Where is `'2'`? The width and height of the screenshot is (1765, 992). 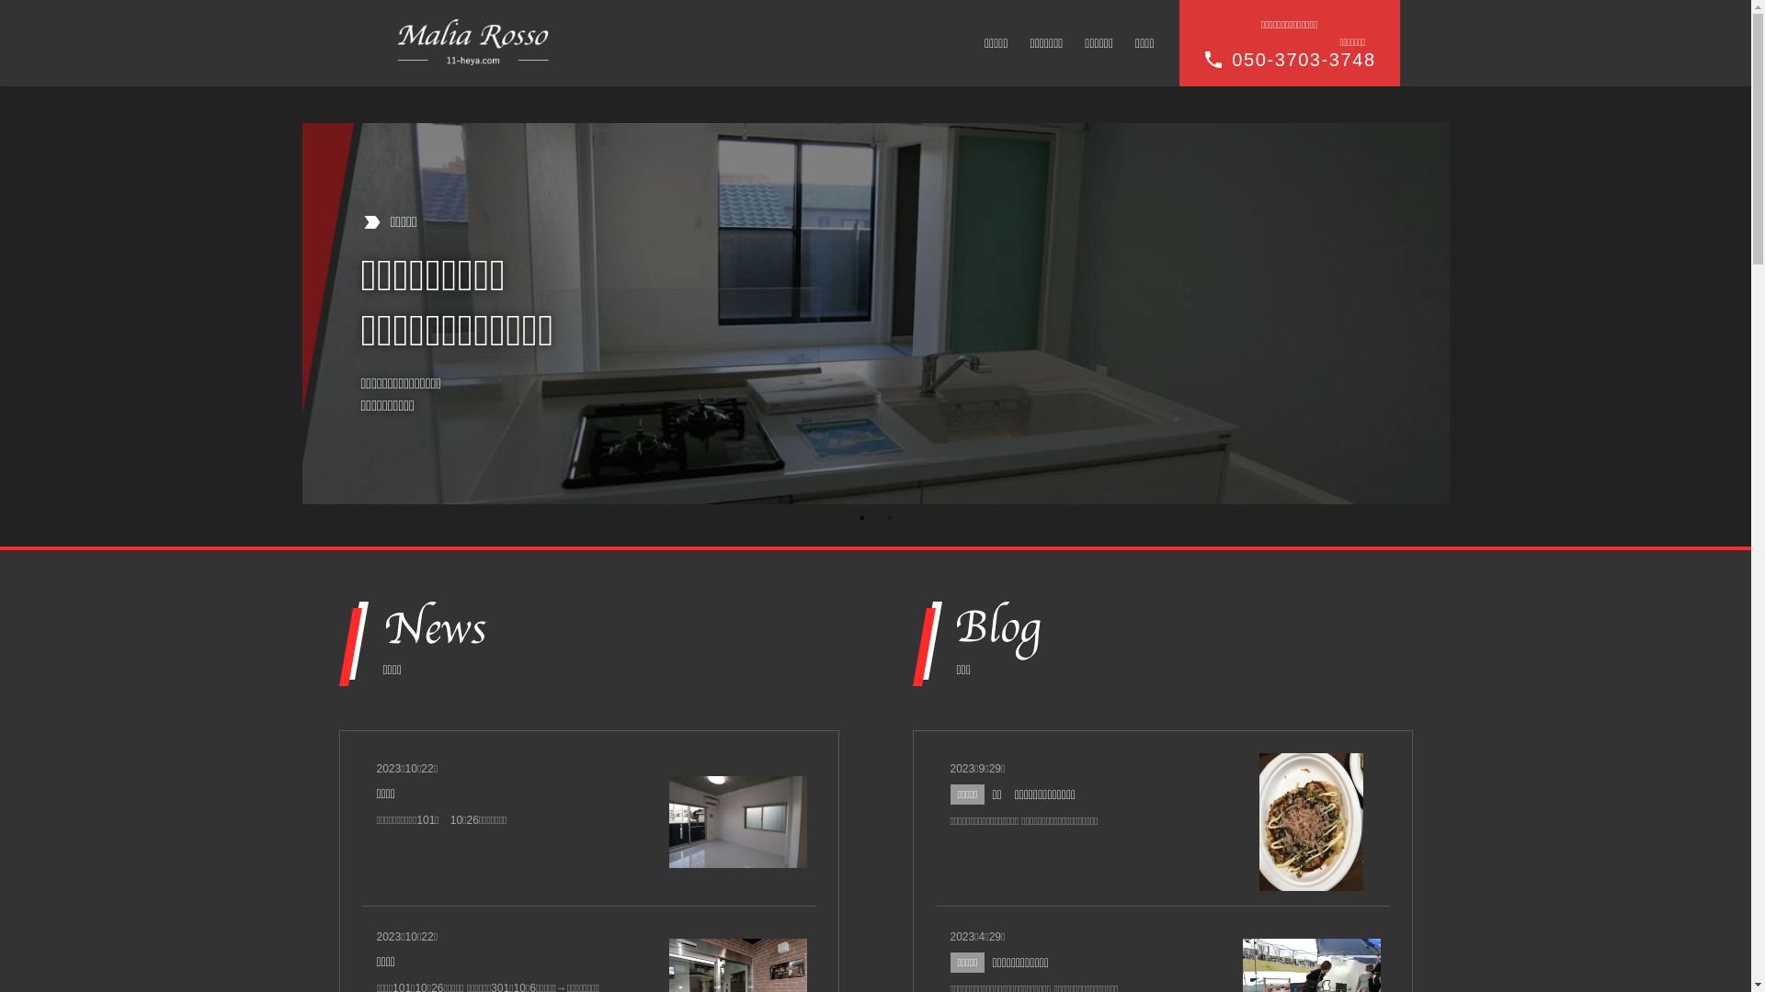
'2' is located at coordinates (890, 517).